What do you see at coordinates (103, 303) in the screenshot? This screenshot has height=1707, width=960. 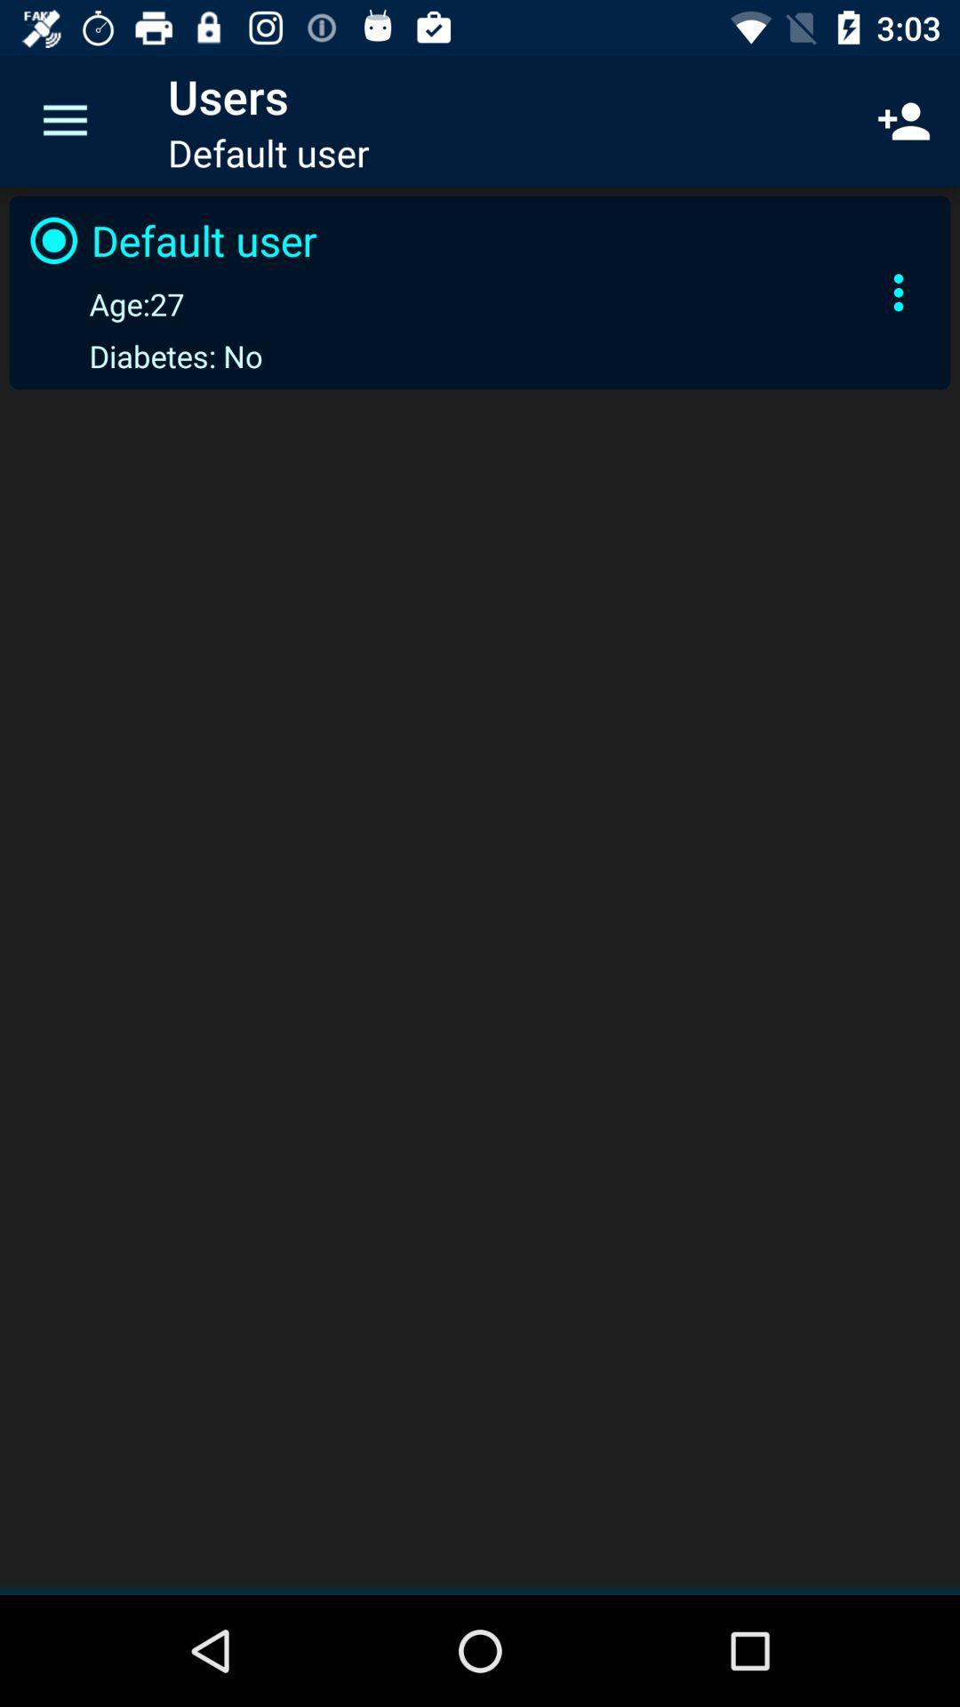 I see `item below default user` at bounding box center [103, 303].